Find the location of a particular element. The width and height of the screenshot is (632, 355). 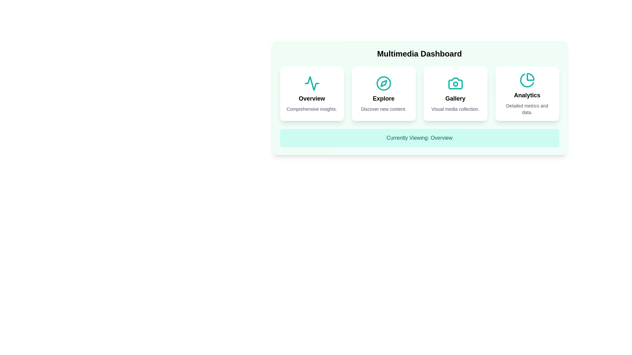

the section card labeled Explore to preview its animation is located at coordinates (383, 94).